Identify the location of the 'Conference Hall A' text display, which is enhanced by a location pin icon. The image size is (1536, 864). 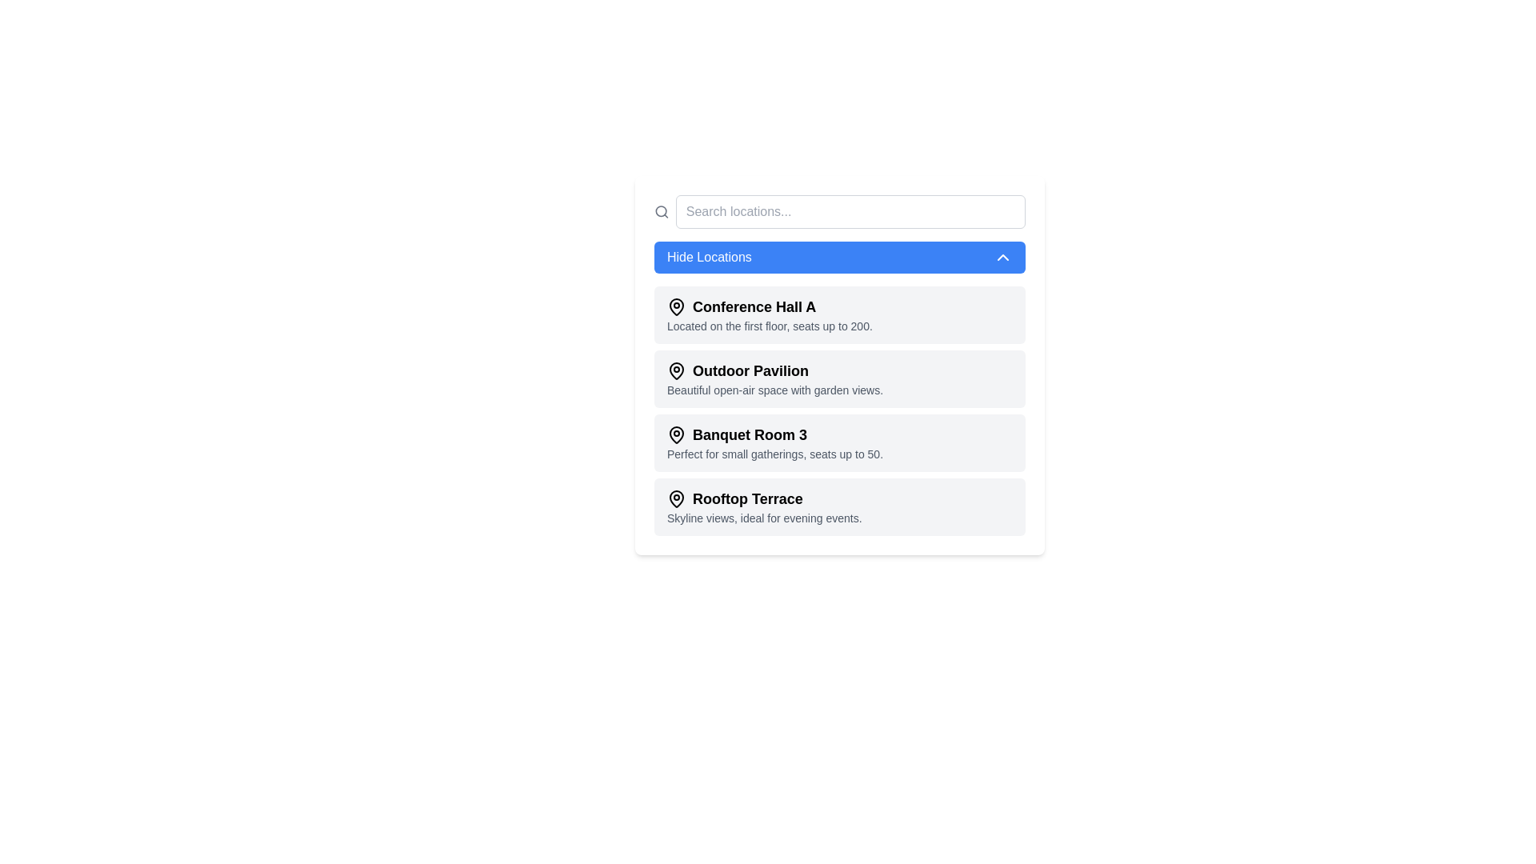
(770, 307).